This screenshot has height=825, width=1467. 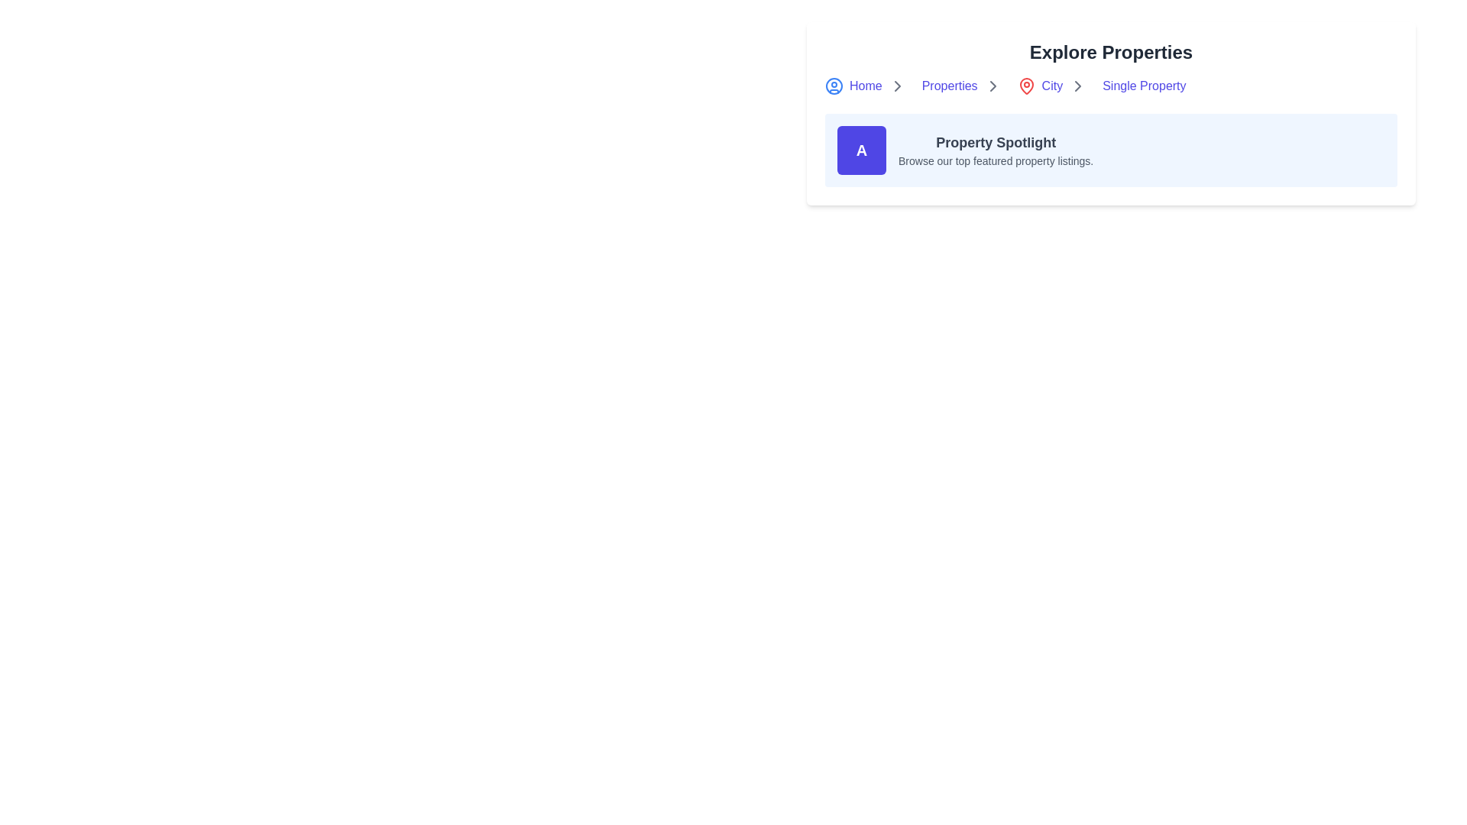 What do you see at coordinates (853, 86) in the screenshot?
I see `the first hyperlink in the breadcrumb navigation` at bounding box center [853, 86].